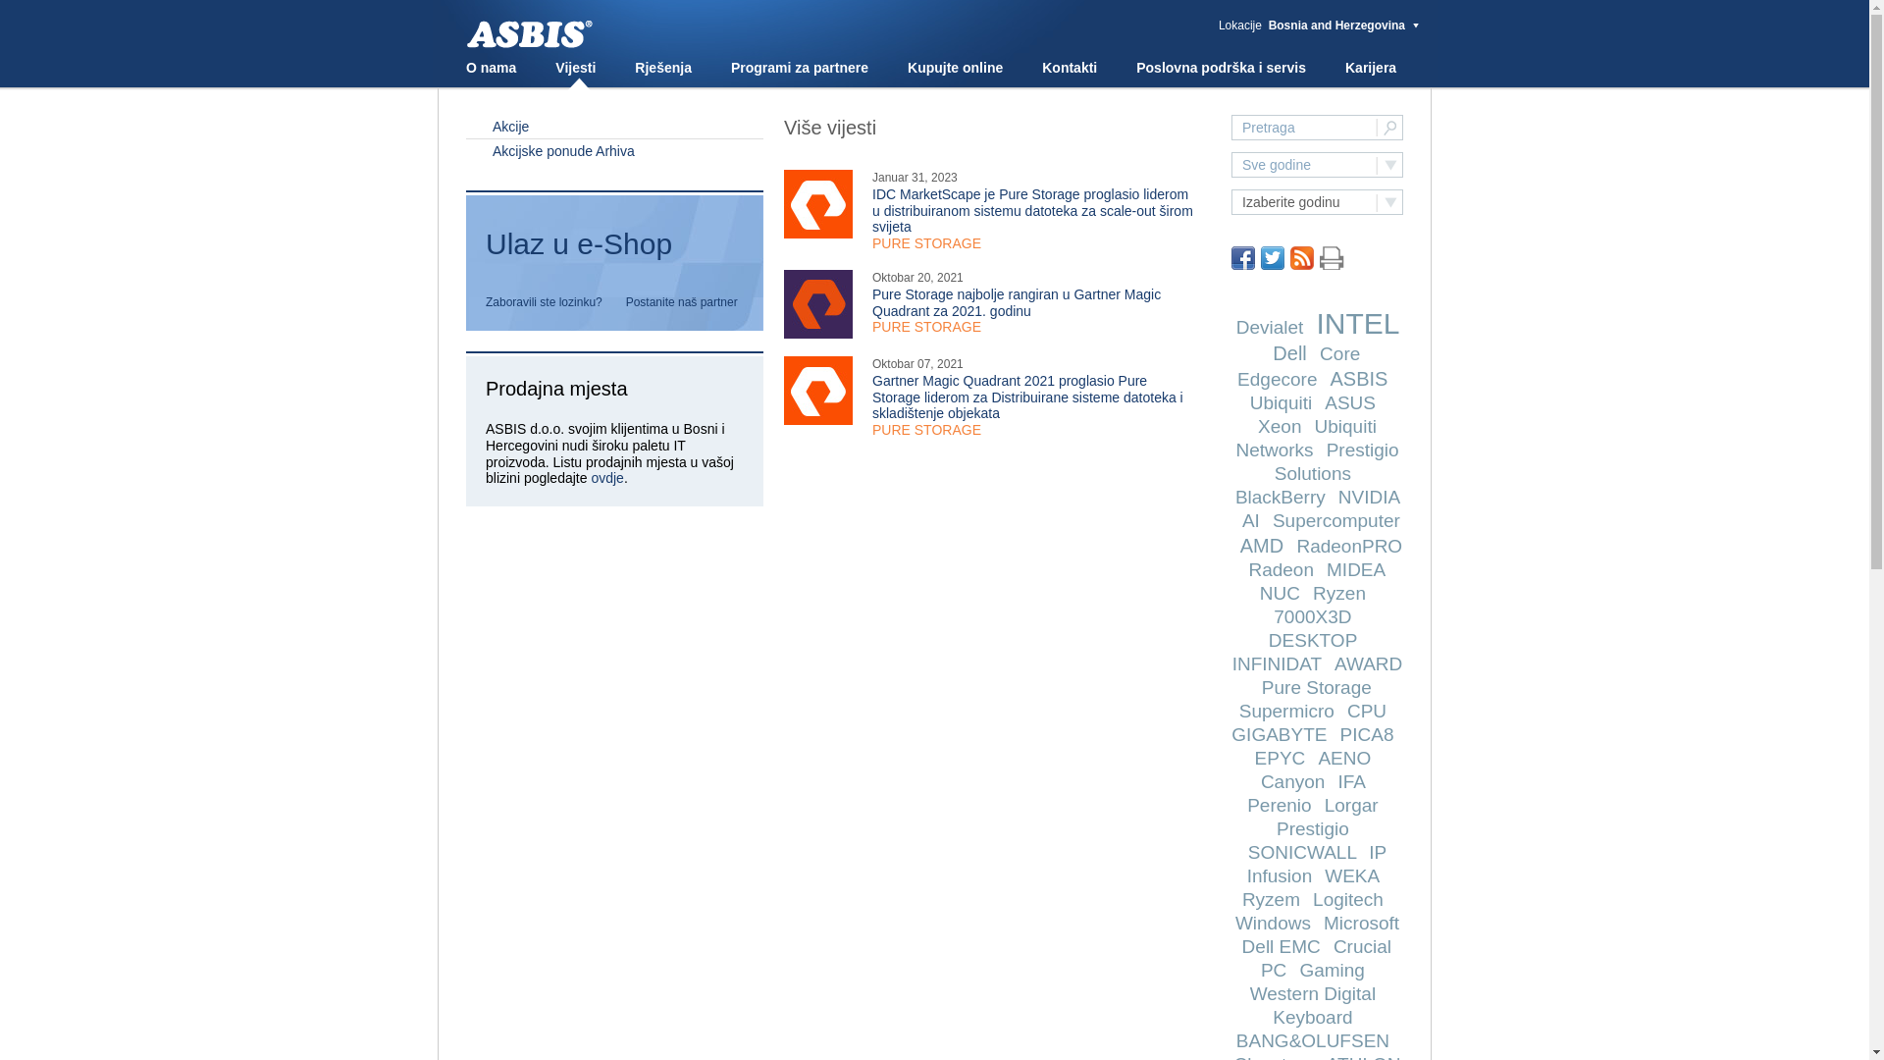  Describe the element at coordinates (1270, 326) in the screenshot. I see `'Devialet'` at that location.